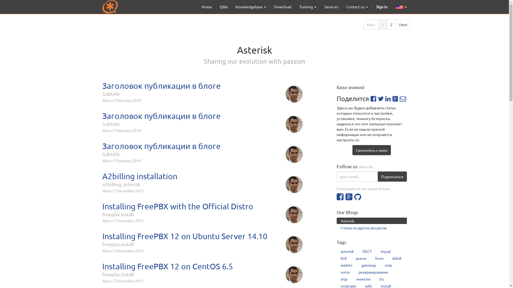  I want to click on 'tls', so click(381, 278).